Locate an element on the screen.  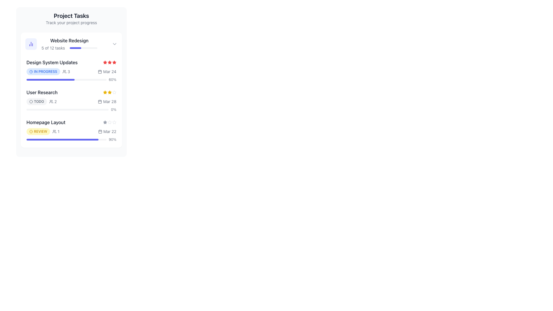
the first star icon in the row of three stars for the 'Design System Updates' task in the 'Project Tasks' section is located at coordinates (105, 62).